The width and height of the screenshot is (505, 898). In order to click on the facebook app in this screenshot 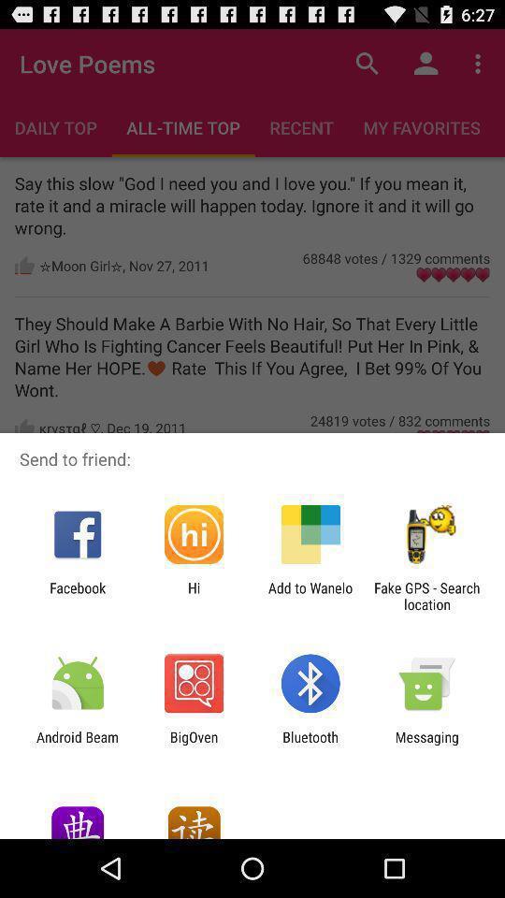, I will do `click(77, 595)`.